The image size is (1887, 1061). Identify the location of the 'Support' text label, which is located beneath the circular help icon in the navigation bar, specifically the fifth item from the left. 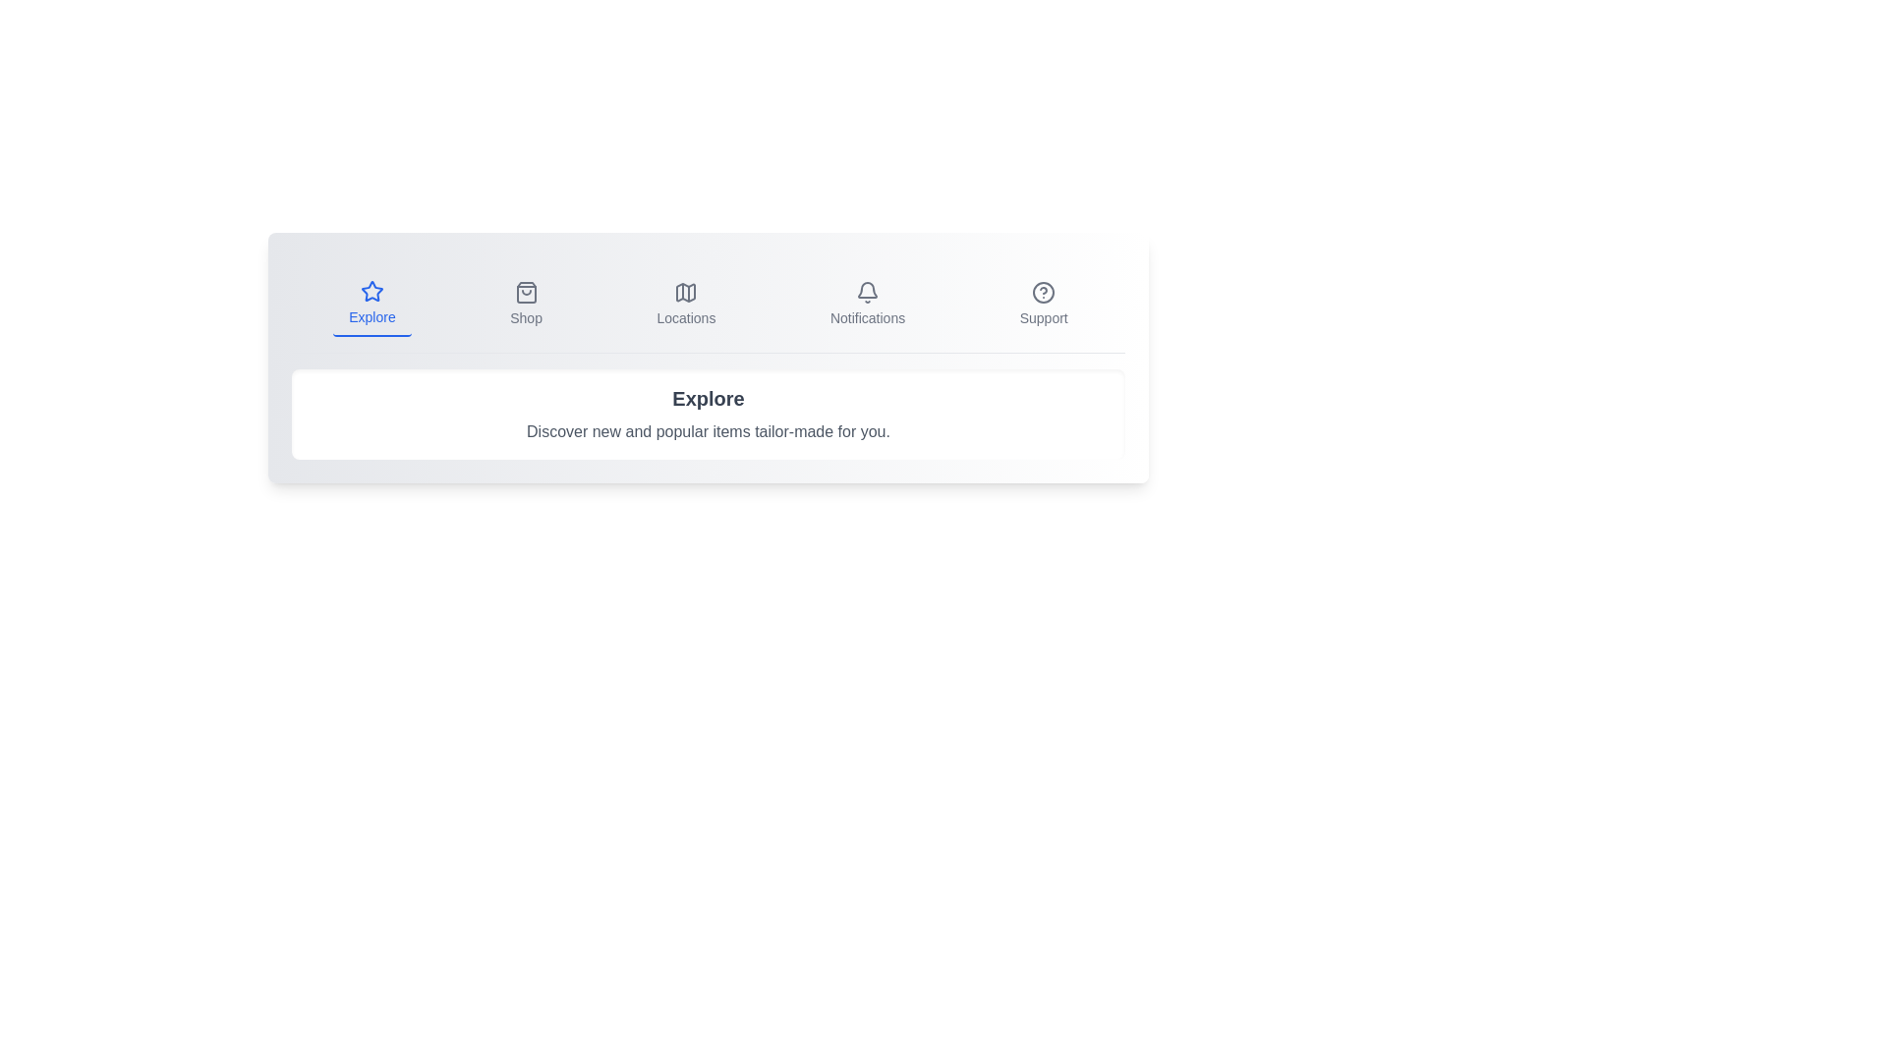
(1043, 317).